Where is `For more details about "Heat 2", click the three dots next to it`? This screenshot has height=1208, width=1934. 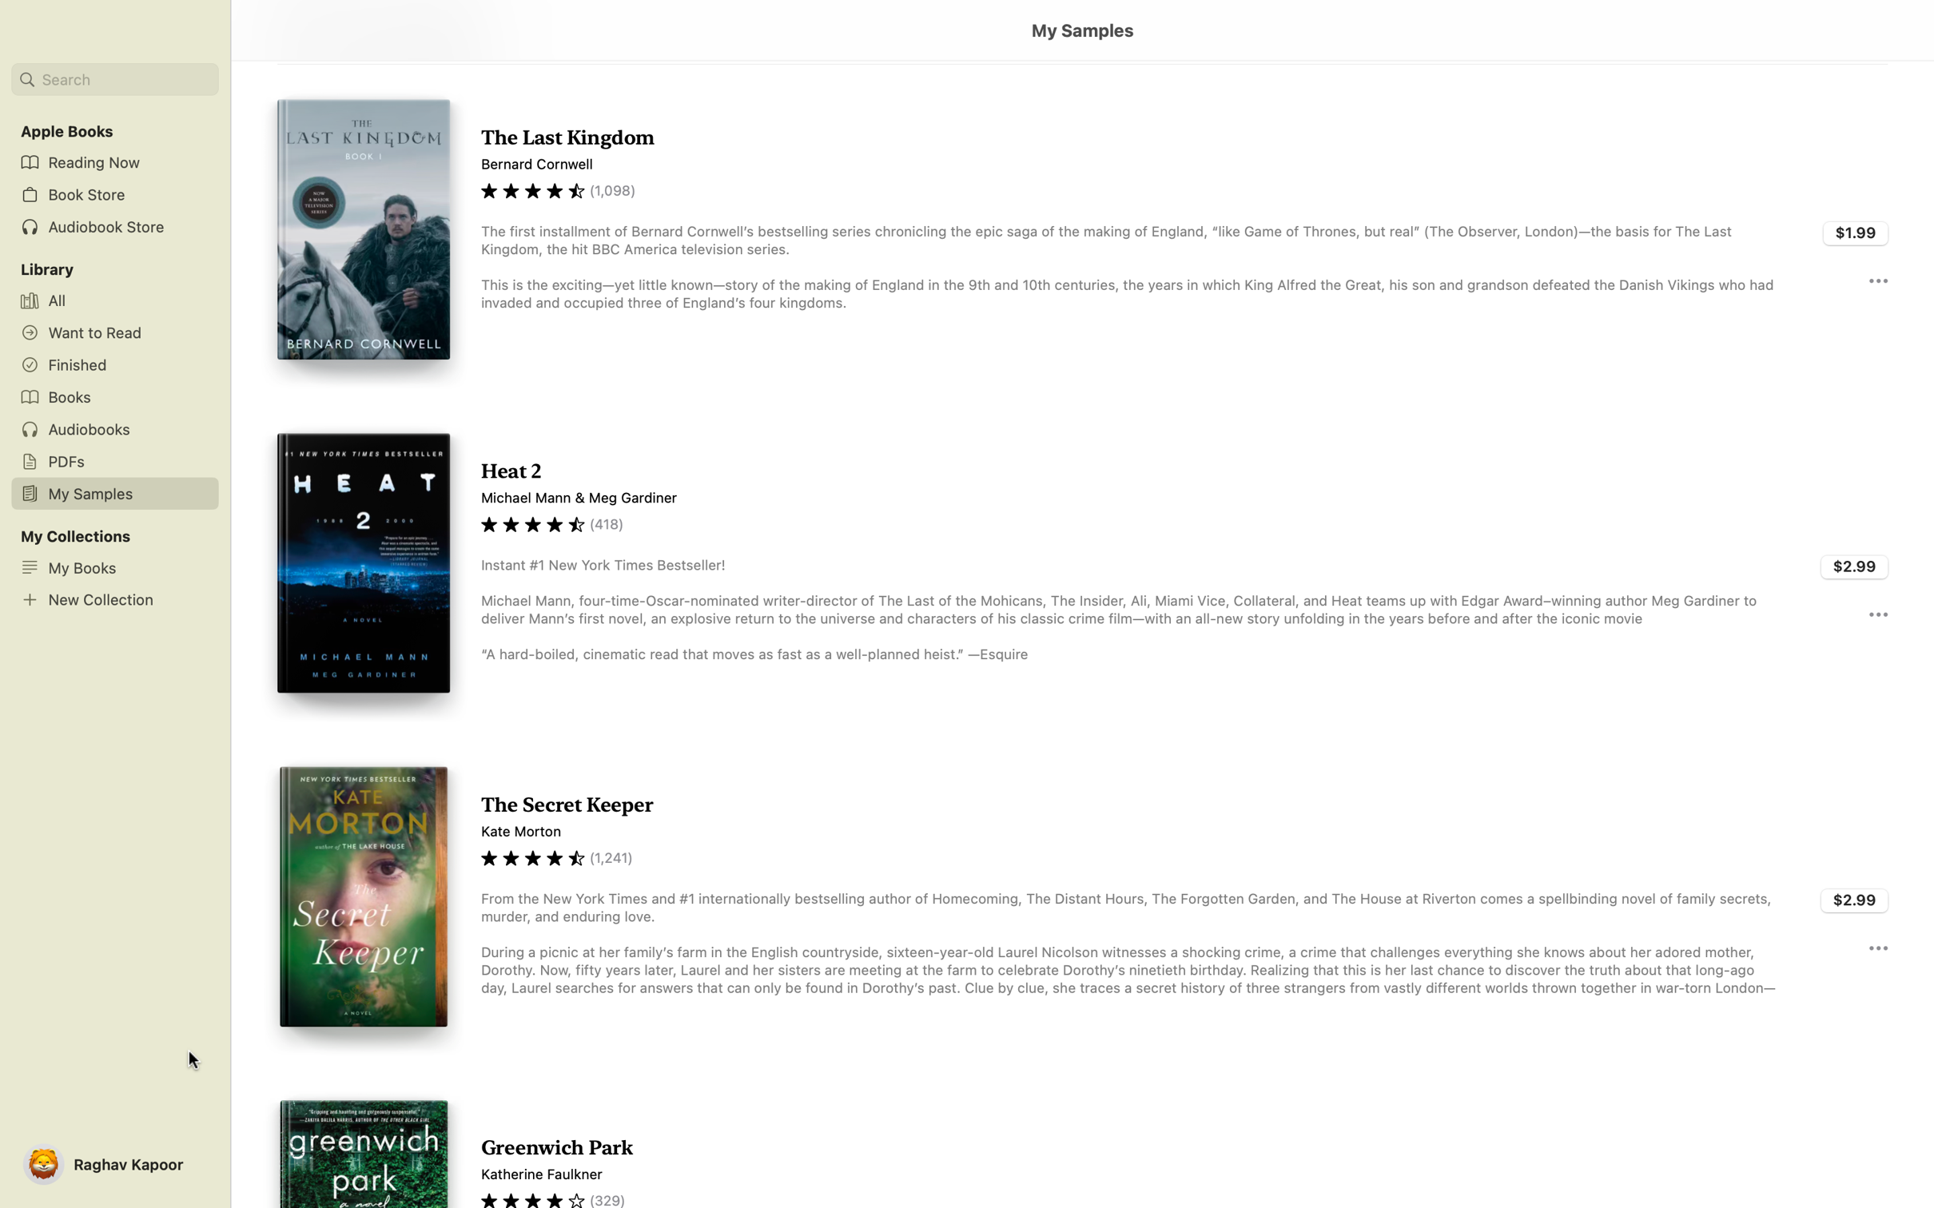 For more details about "Heat 2", click the three dots next to it is located at coordinates (1877, 614).